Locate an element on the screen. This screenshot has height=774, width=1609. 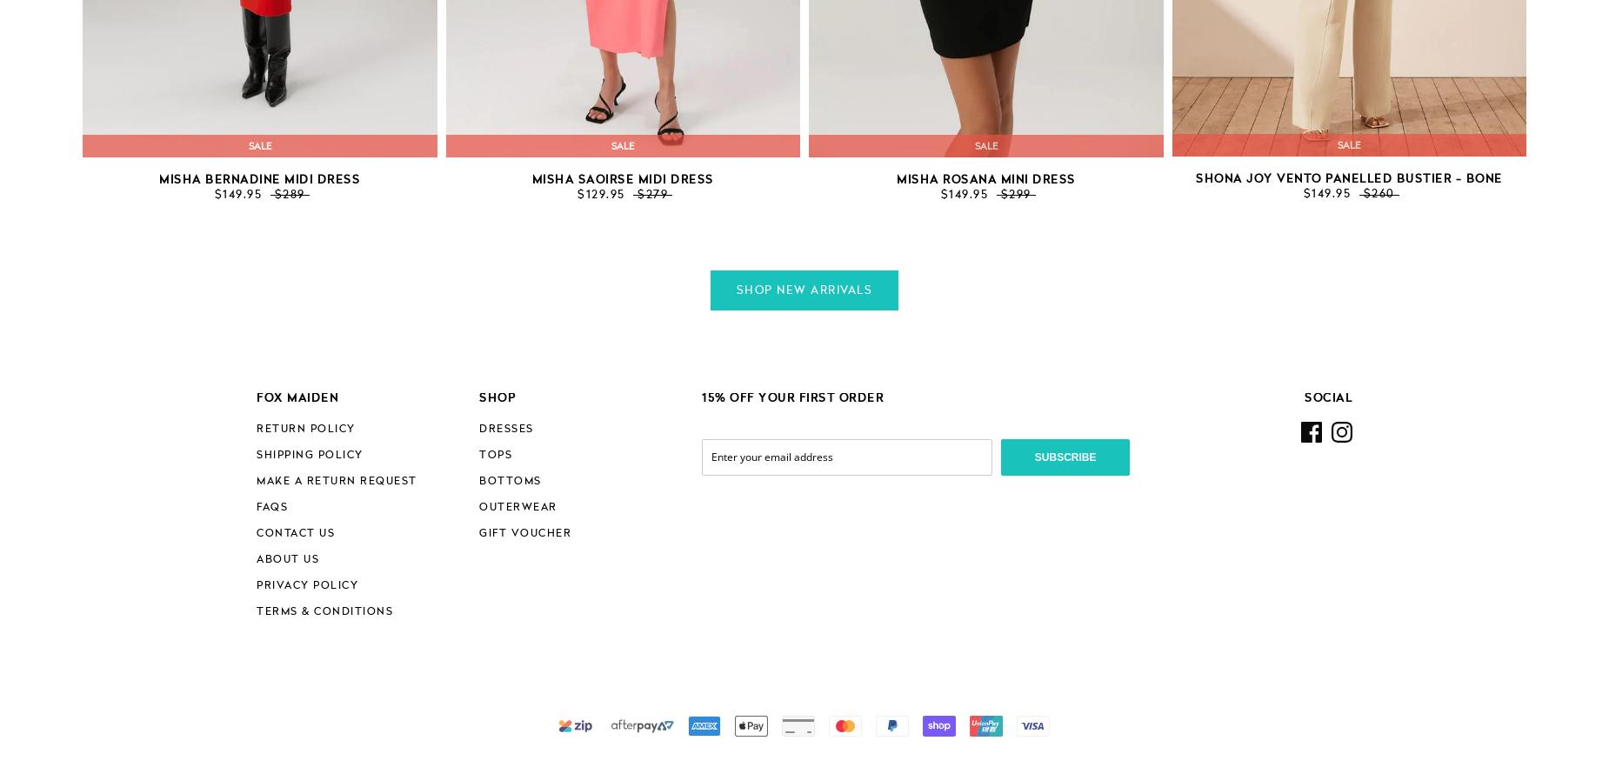
'Social' is located at coordinates (1328, 397).